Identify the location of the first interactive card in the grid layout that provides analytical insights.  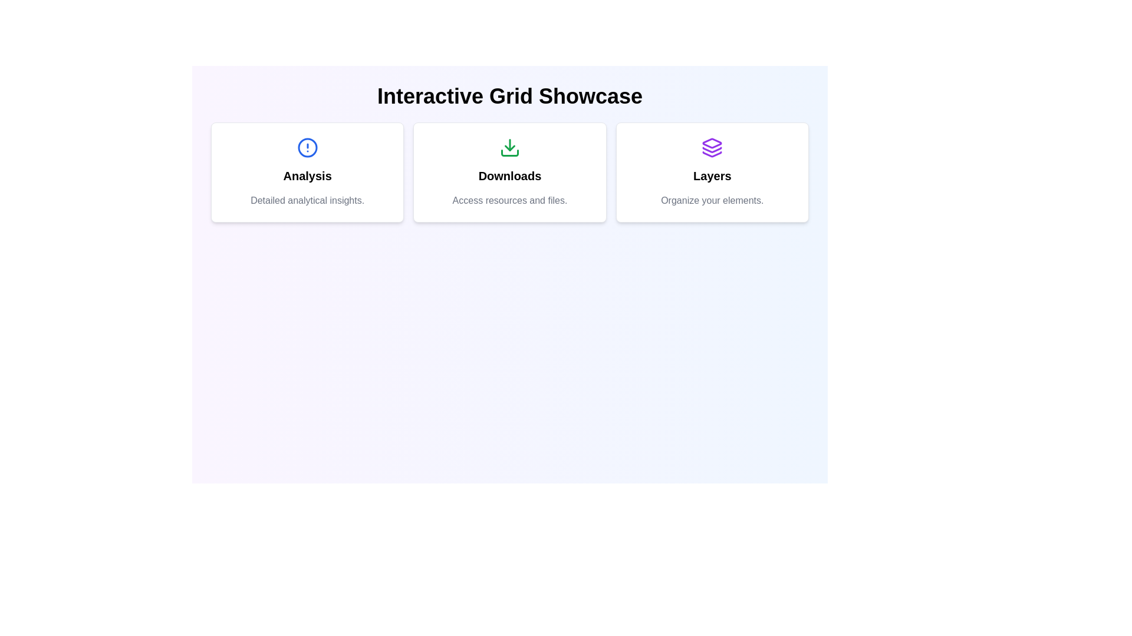
(307, 173).